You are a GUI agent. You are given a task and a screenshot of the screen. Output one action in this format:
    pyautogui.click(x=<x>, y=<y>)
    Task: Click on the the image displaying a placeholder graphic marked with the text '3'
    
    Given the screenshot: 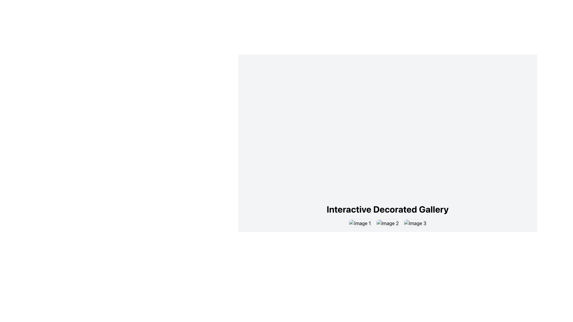 What is the action you would take?
    pyautogui.click(x=415, y=223)
    